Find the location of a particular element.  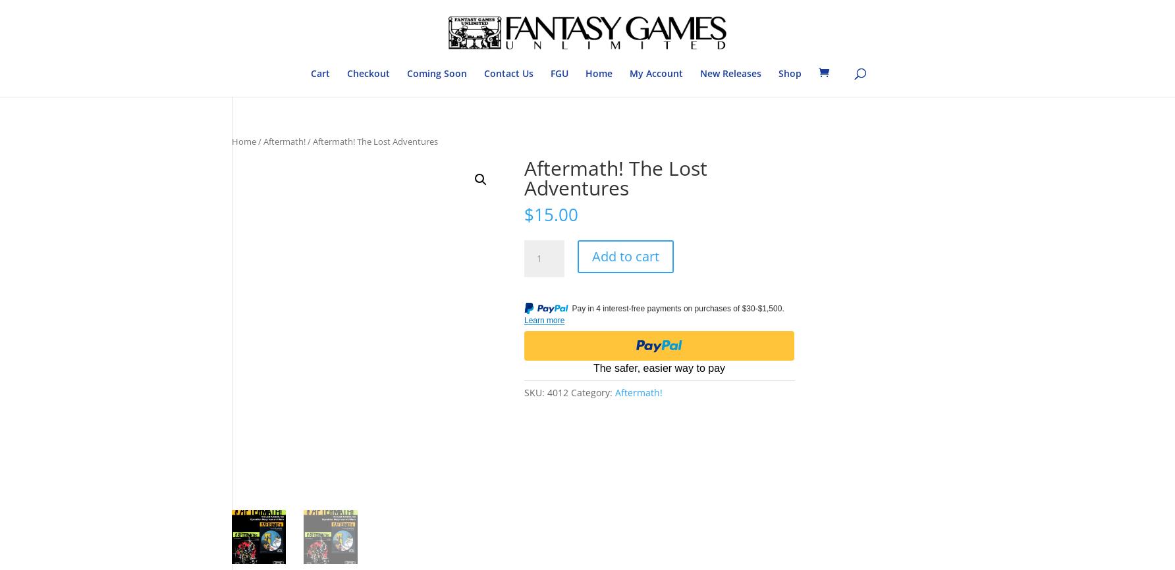

'Category:' is located at coordinates (593, 392).